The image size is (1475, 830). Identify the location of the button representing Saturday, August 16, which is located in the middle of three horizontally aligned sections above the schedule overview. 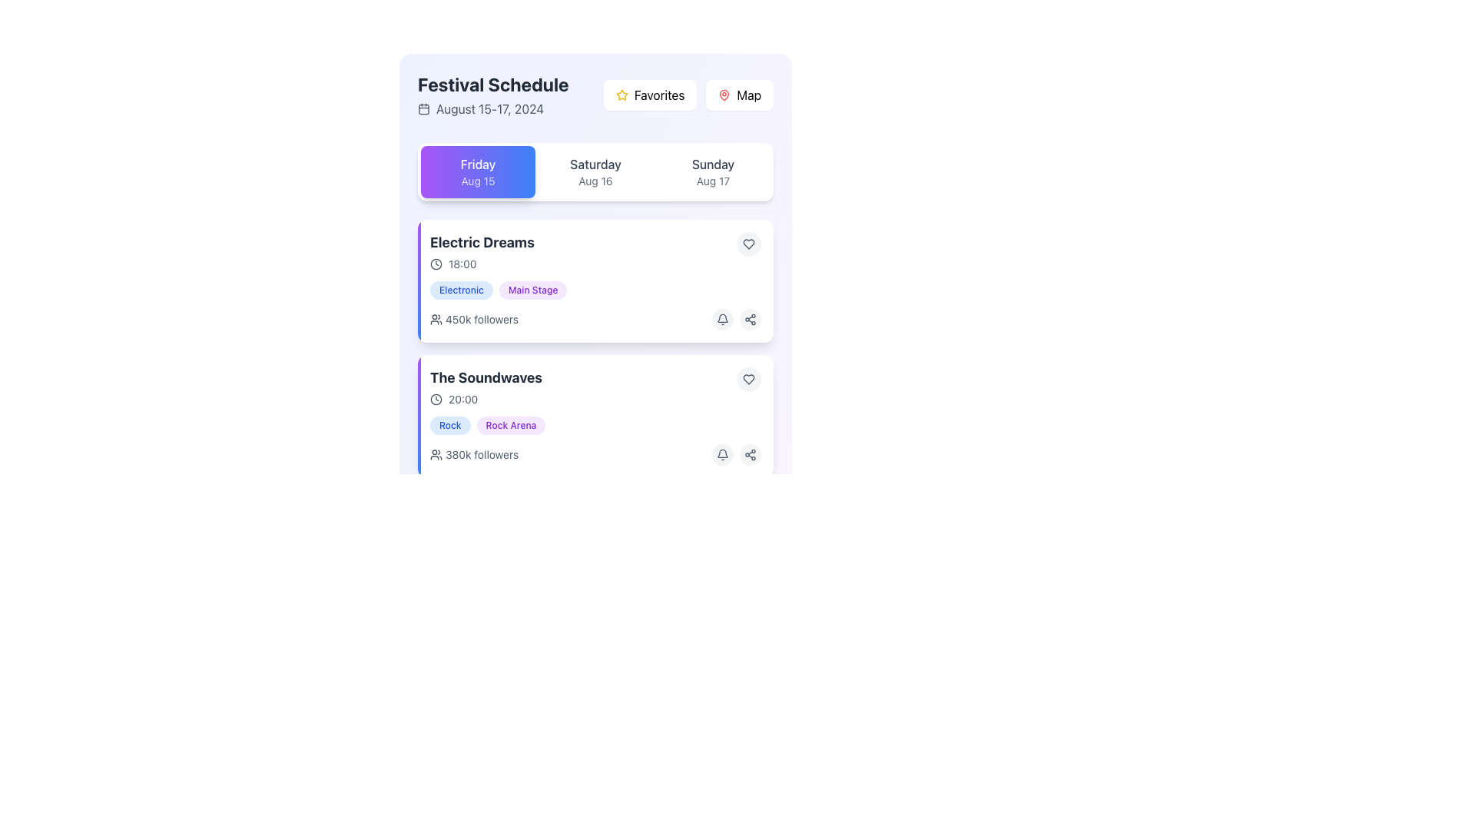
(595, 171).